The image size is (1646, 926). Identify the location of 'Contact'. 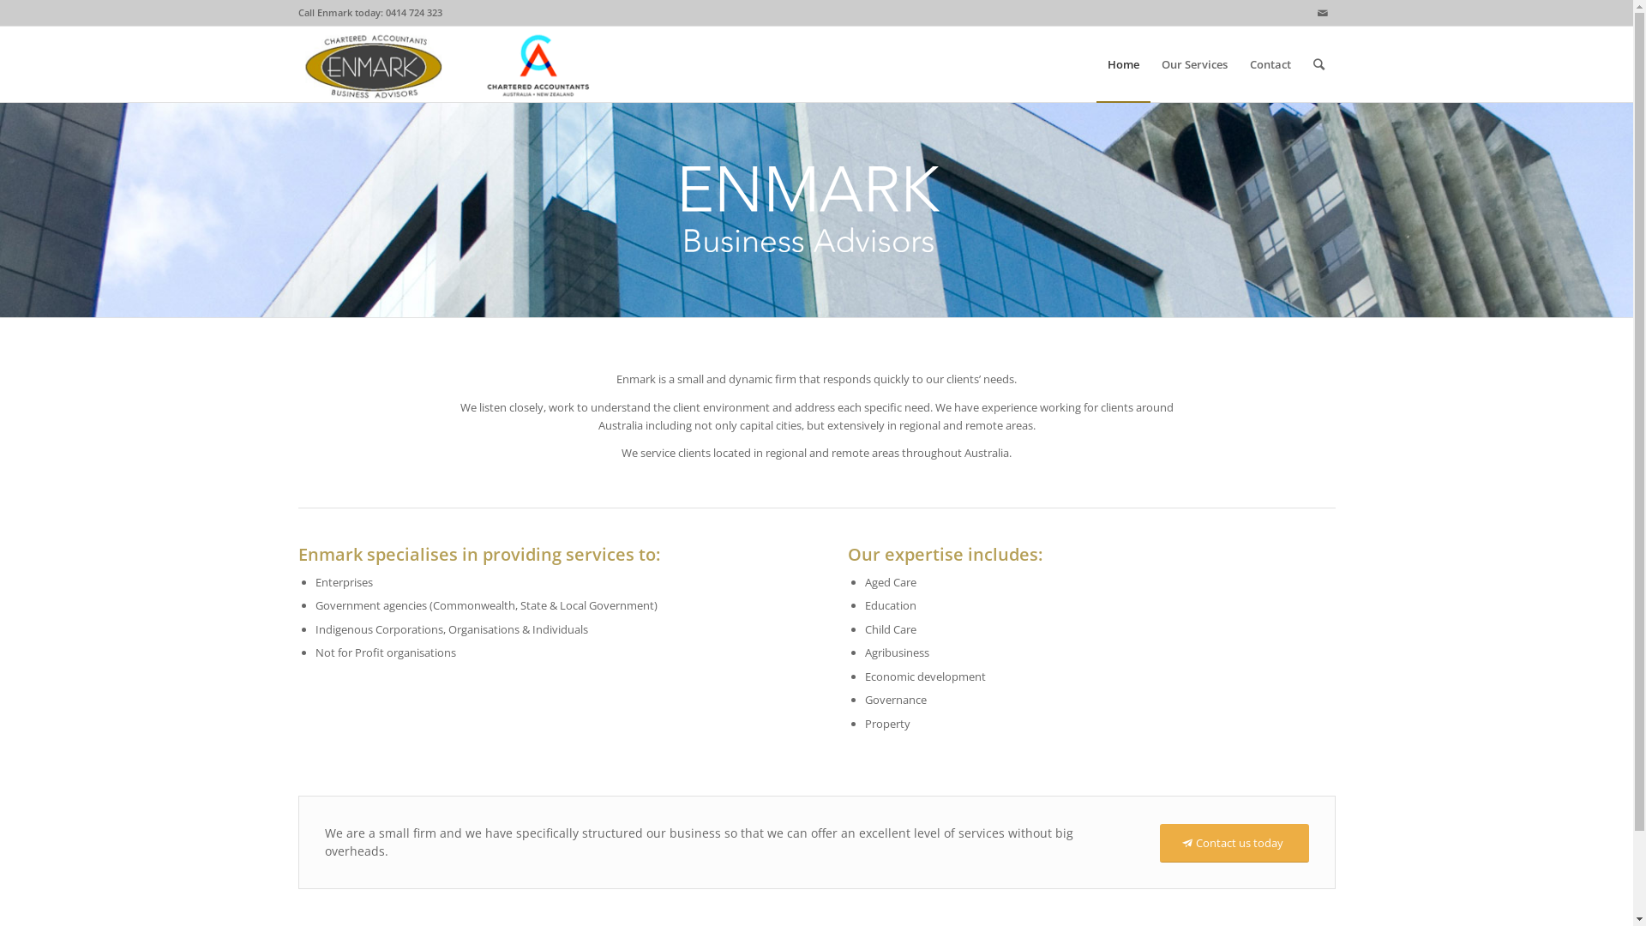
(1270, 63).